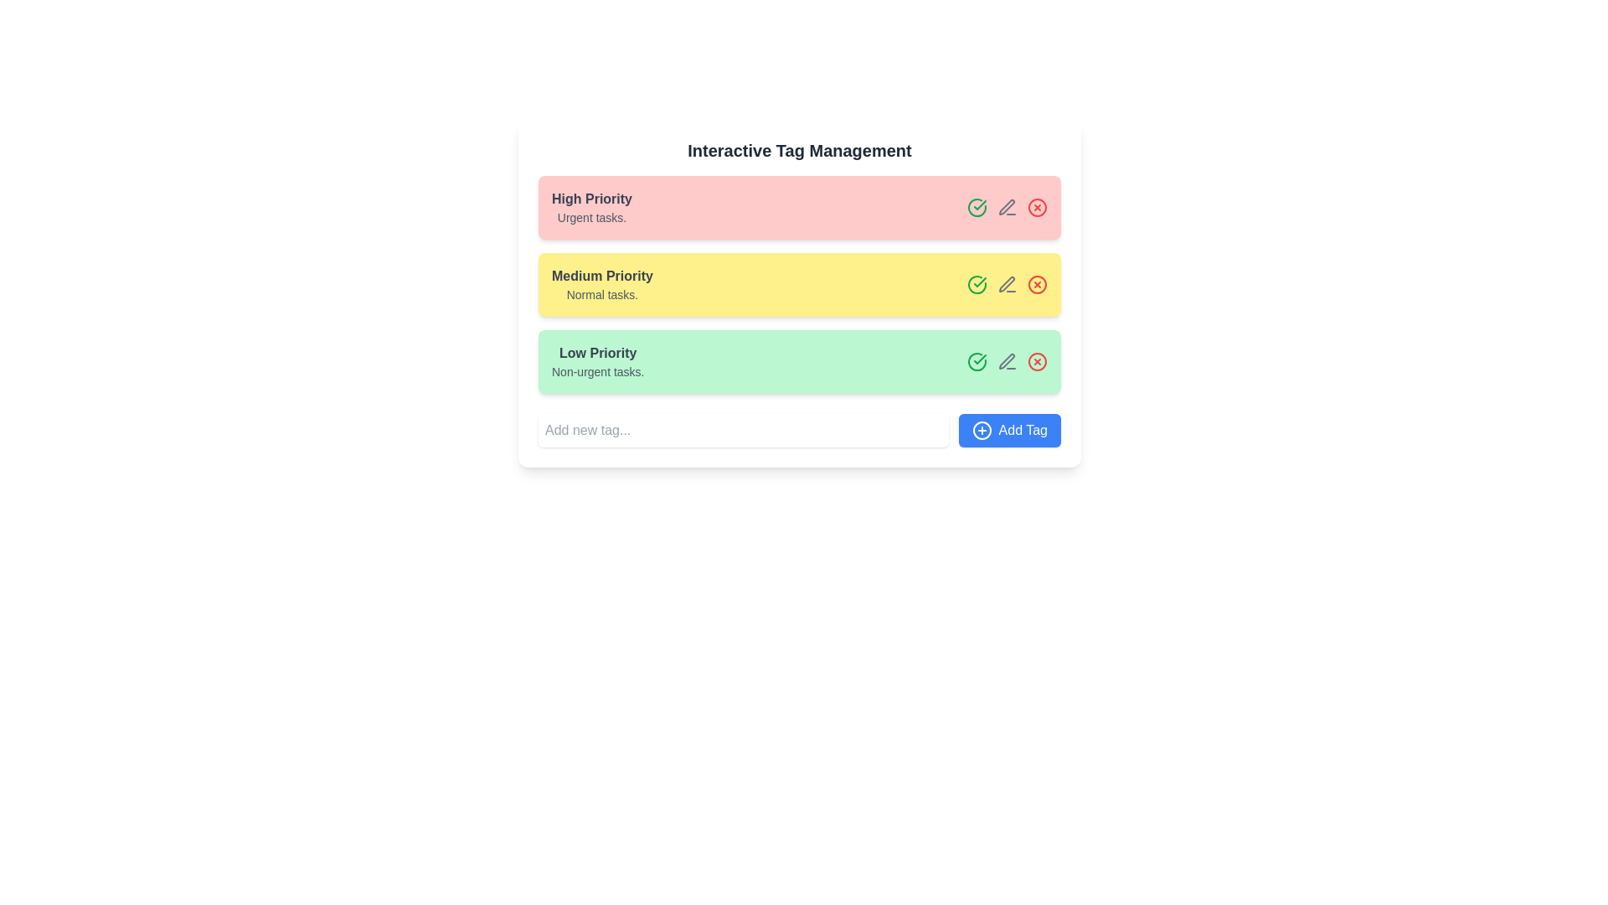  Describe the element at coordinates (977, 283) in the screenshot. I see `the checkmark indicator icon that signifies the completion of tasks listed under 'Medium Priority', located on the right side of the 'Medium Priority' section adjacent to the yellow header area` at that location.